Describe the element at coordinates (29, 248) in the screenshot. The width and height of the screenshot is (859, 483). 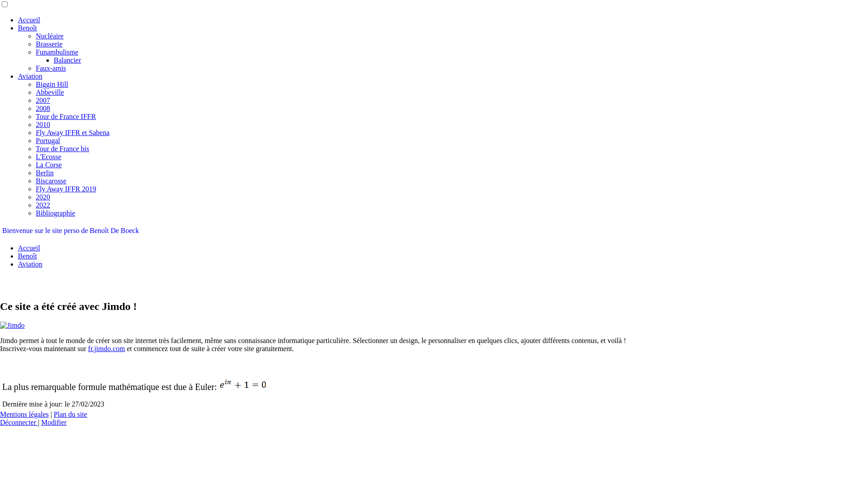
I see `'Accueil'` at that location.